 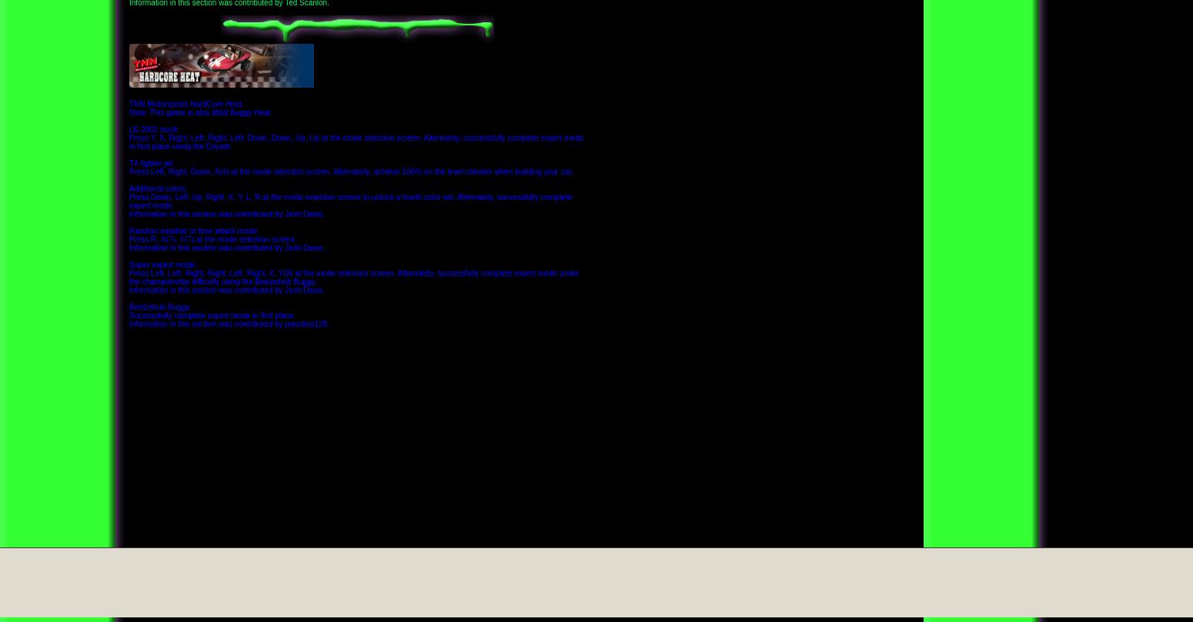 I want to click on 'Random weather in time attack mode:', so click(x=194, y=230).